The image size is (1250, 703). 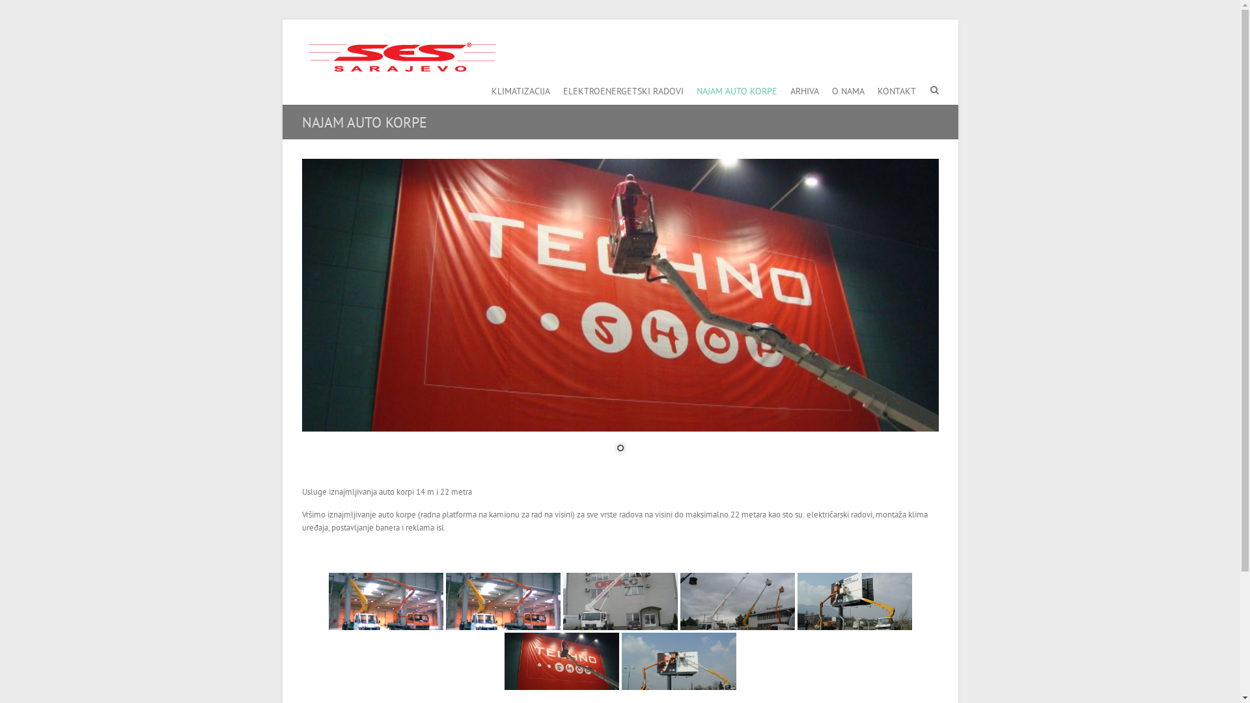 What do you see at coordinates (399, 56) in the screenshot?
I see `'SES.ba'` at bounding box center [399, 56].